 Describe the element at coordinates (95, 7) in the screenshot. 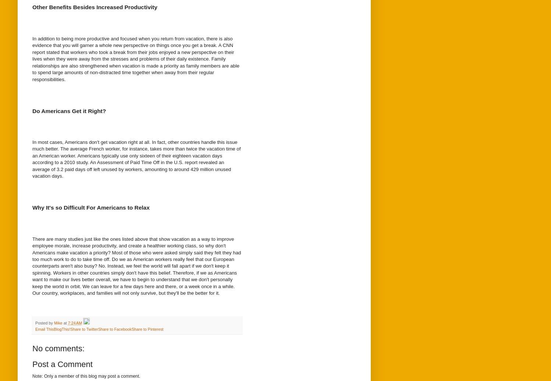

I see `'Other Benefits Besides Increased Productivity'` at that location.